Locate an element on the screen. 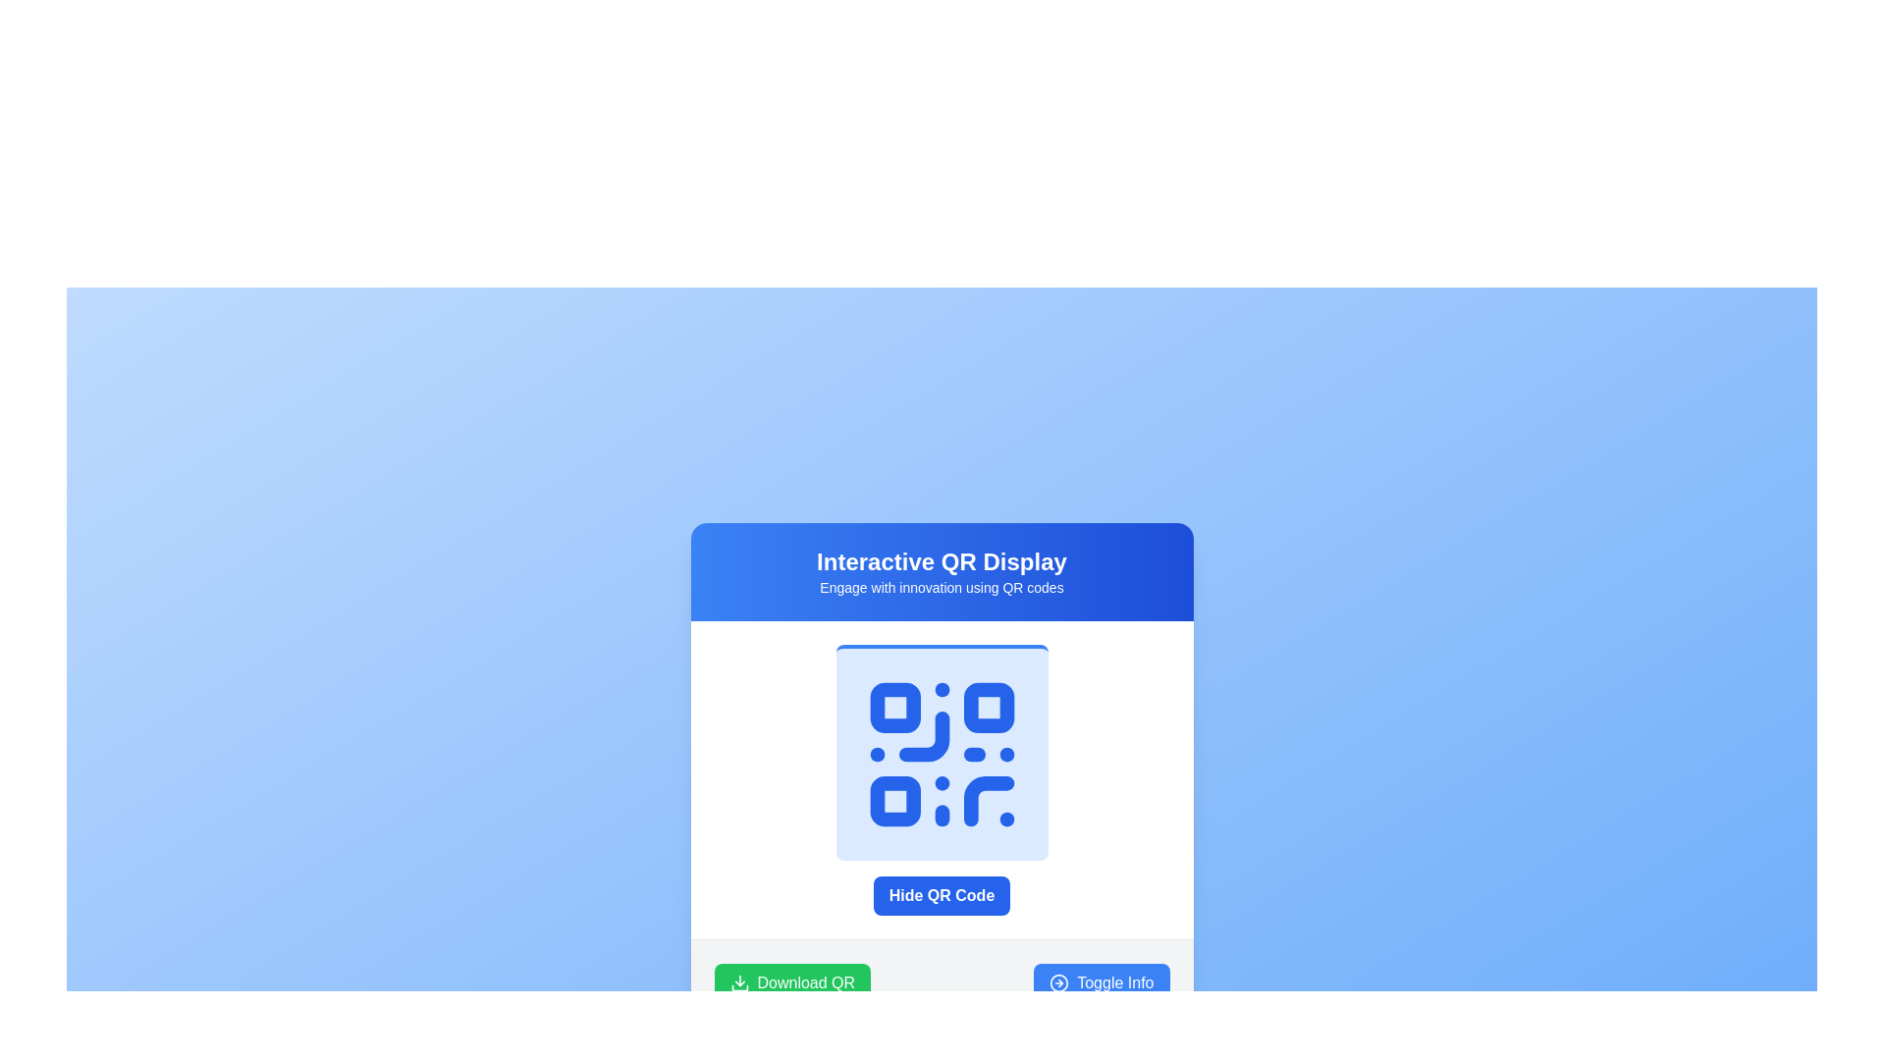 The height and width of the screenshot is (1060, 1885). the icon located to the left of the 'Toggle Info' text within the button in the bottom-right section of the main interface block is located at coordinates (1058, 982).